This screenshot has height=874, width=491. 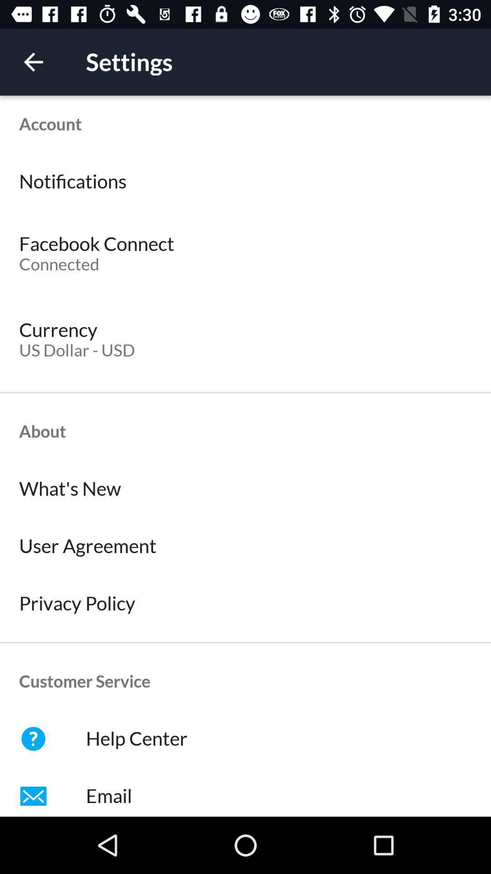 I want to click on icon below help center icon, so click(x=245, y=791).